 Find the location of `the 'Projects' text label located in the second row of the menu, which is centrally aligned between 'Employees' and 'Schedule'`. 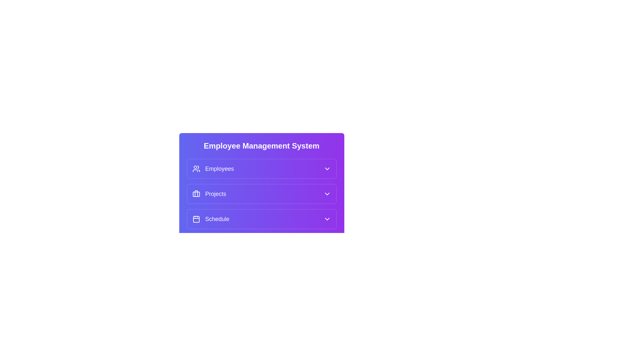

the 'Projects' text label located in the second row of the menu, which is centrally aligned between 'Employees' and 'Schedule' is located at coordinates (215, 193).